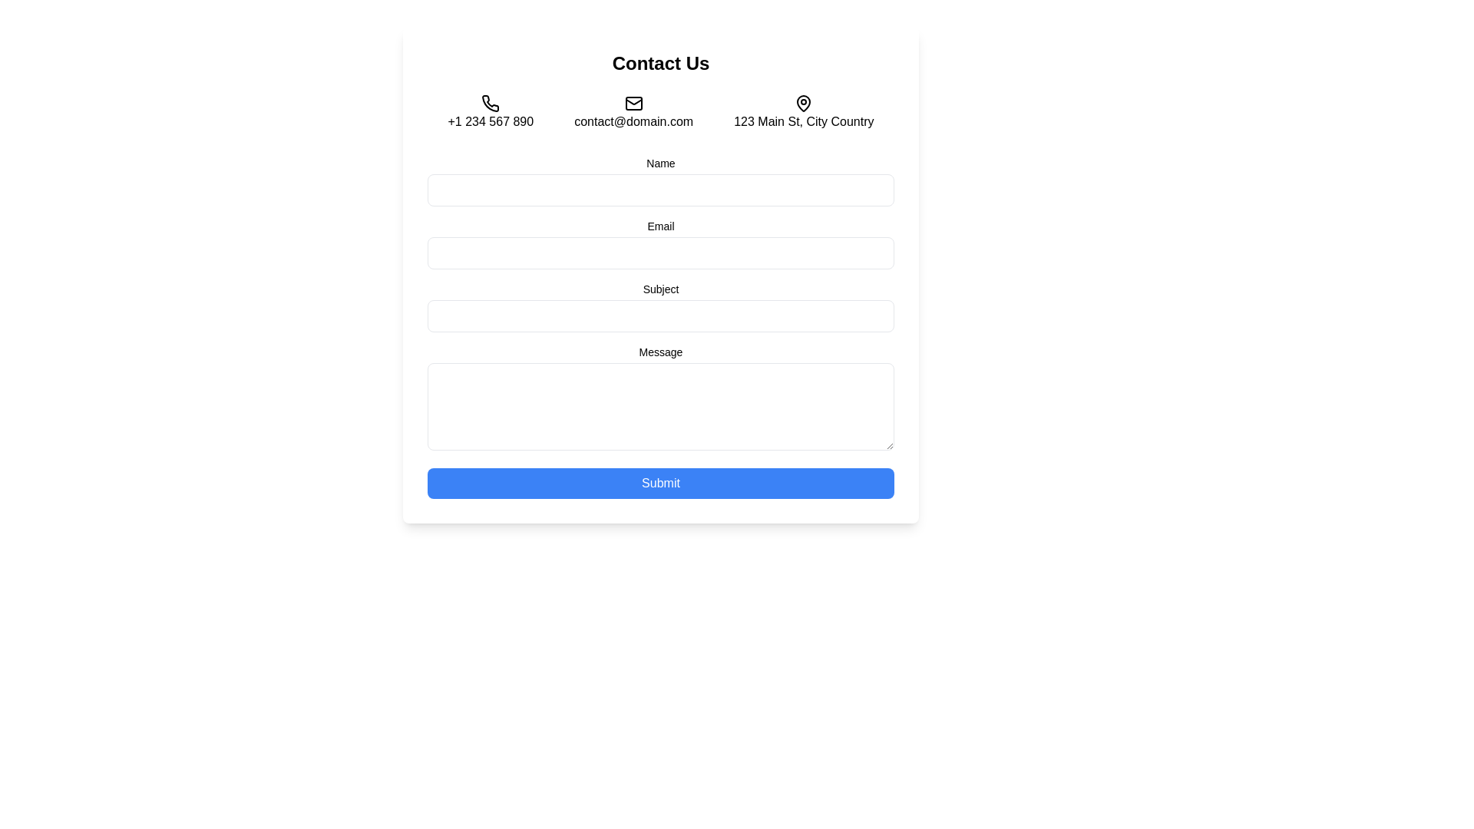 Image resolution: width=1474 pixels, height=829 pixels. Describe the element at coordinates (803, 104) in the screenshot. I see `the round pin or map marker icon located to the right of the text label '123 Main St, City Country' in the top-right section of the interface` at that location.